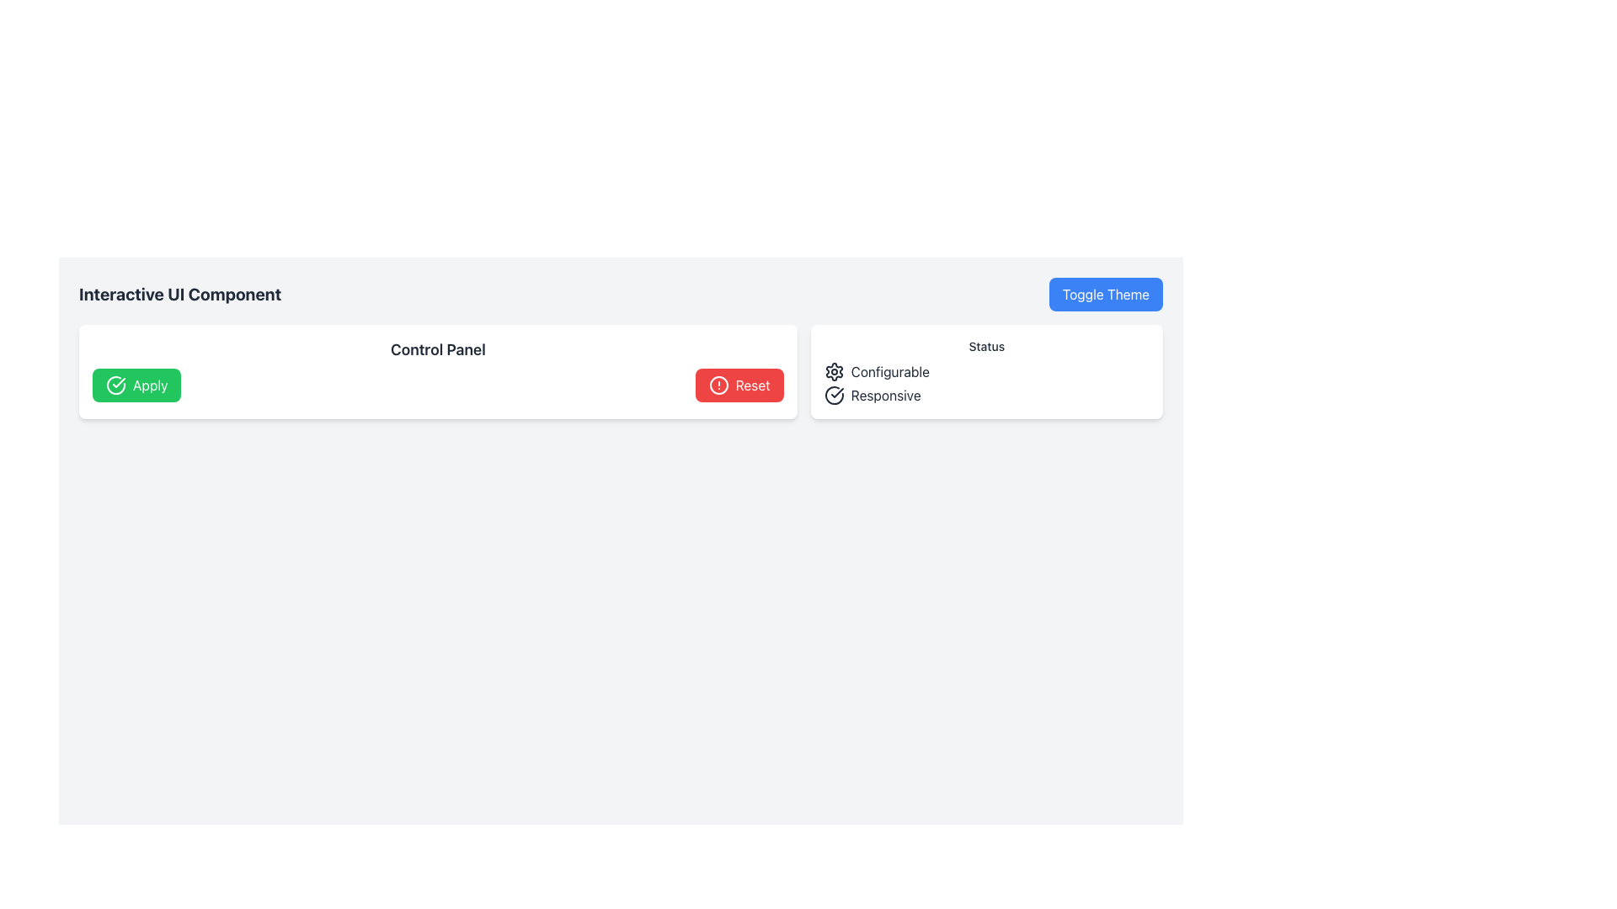  What do you see at coordinates (834, 396) in the screenshot?
I see `the SVG icon representing a circle with a check mark inside, which is located to the left of the 'Responsive' label in the 'Status' section at the top-right of the interface` at bounding box center [834, 396].